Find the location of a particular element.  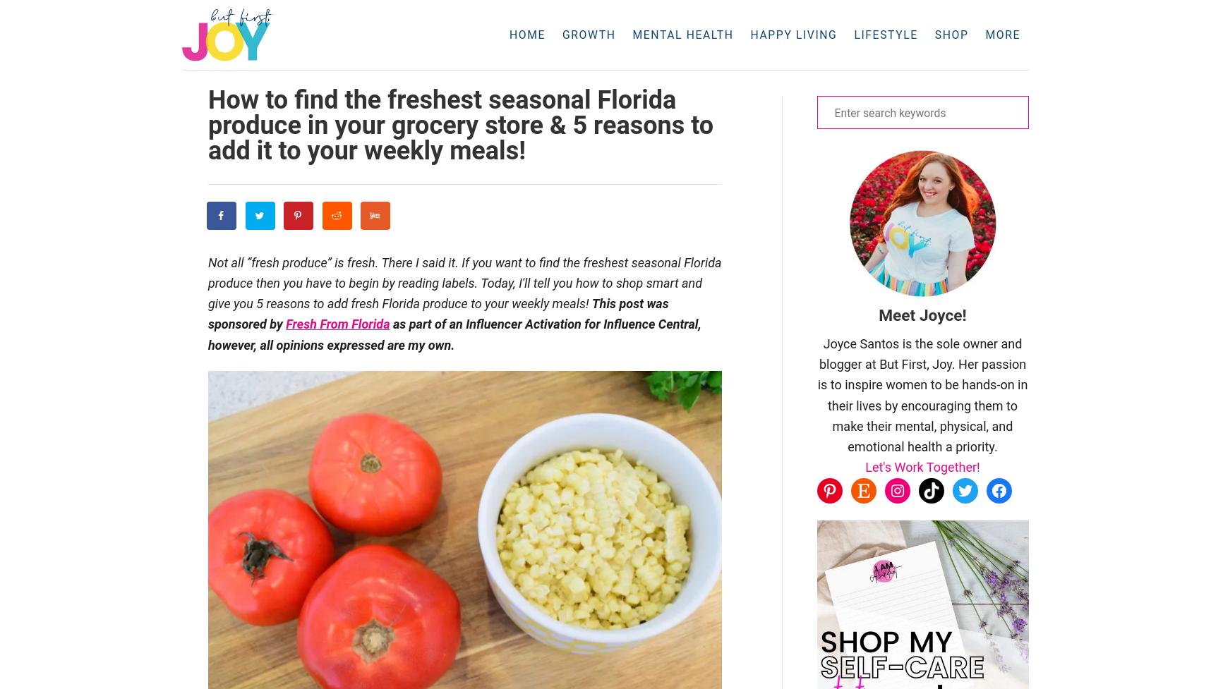

'Pinterest Template Bundle' is located at coordinates (873, 254).